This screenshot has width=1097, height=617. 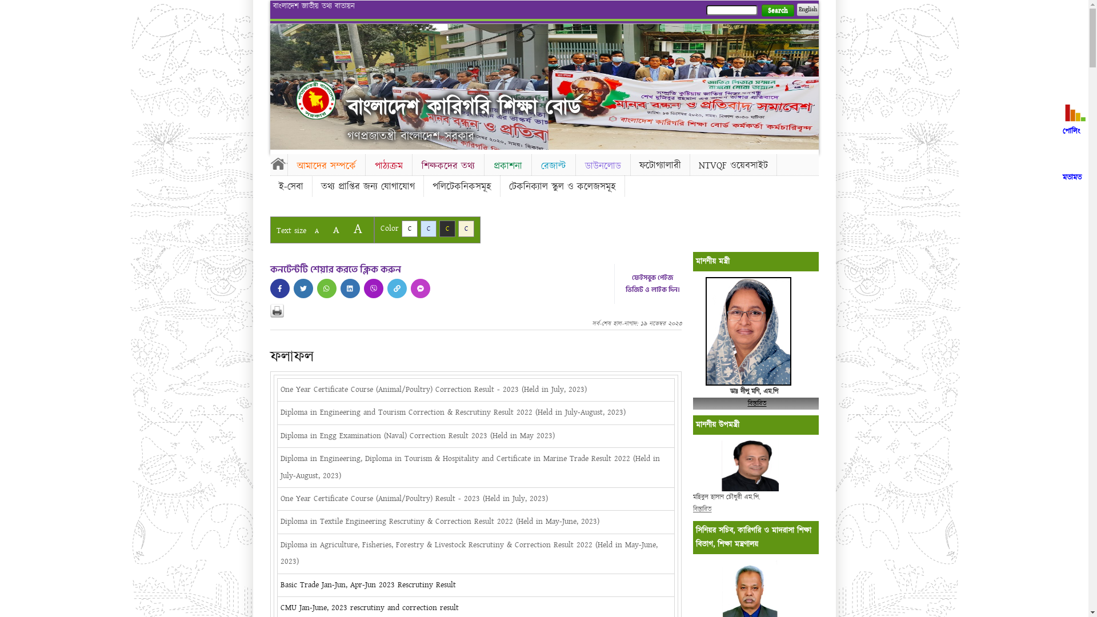 I want to click on 'A', so click(x=316, y=231).